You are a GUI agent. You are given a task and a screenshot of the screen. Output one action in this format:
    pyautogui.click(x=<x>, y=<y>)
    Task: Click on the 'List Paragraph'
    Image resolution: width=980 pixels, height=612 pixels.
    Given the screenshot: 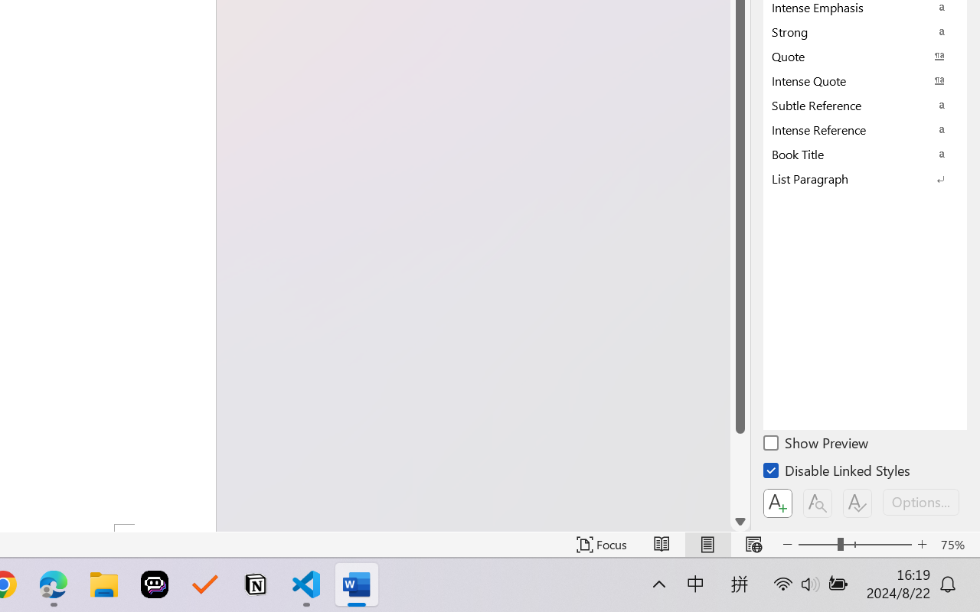 What is the action you would take?
    pyautogui.click(x=865, y=178)
    